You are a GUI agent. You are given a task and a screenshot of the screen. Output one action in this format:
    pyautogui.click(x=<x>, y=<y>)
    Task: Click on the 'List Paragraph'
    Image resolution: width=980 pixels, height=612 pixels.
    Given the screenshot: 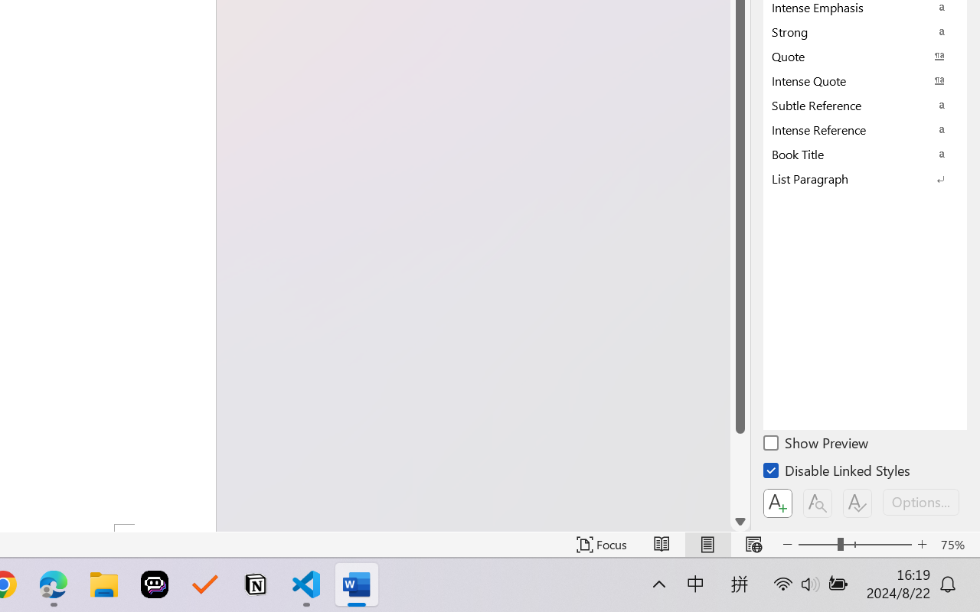 What is the action you would take?
    pyautogui.click(x=865, y=178)
    